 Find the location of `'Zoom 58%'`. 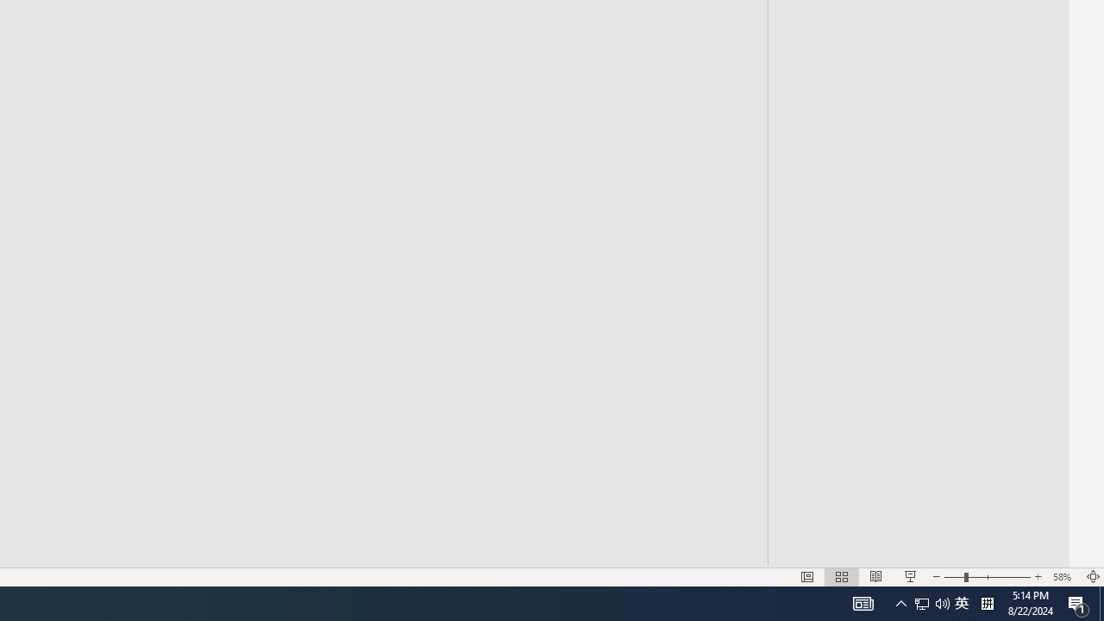

'Zoom 58%' is located at coordinates (1063, 577).